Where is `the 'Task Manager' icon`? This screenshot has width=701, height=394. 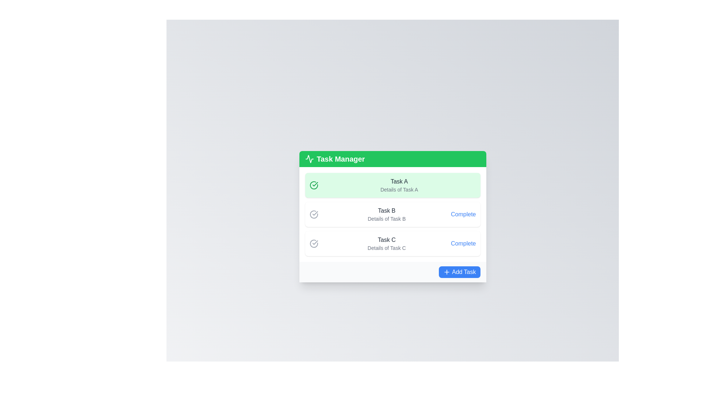
the 'Task Manager' icon is located at coordinates (309, 158).